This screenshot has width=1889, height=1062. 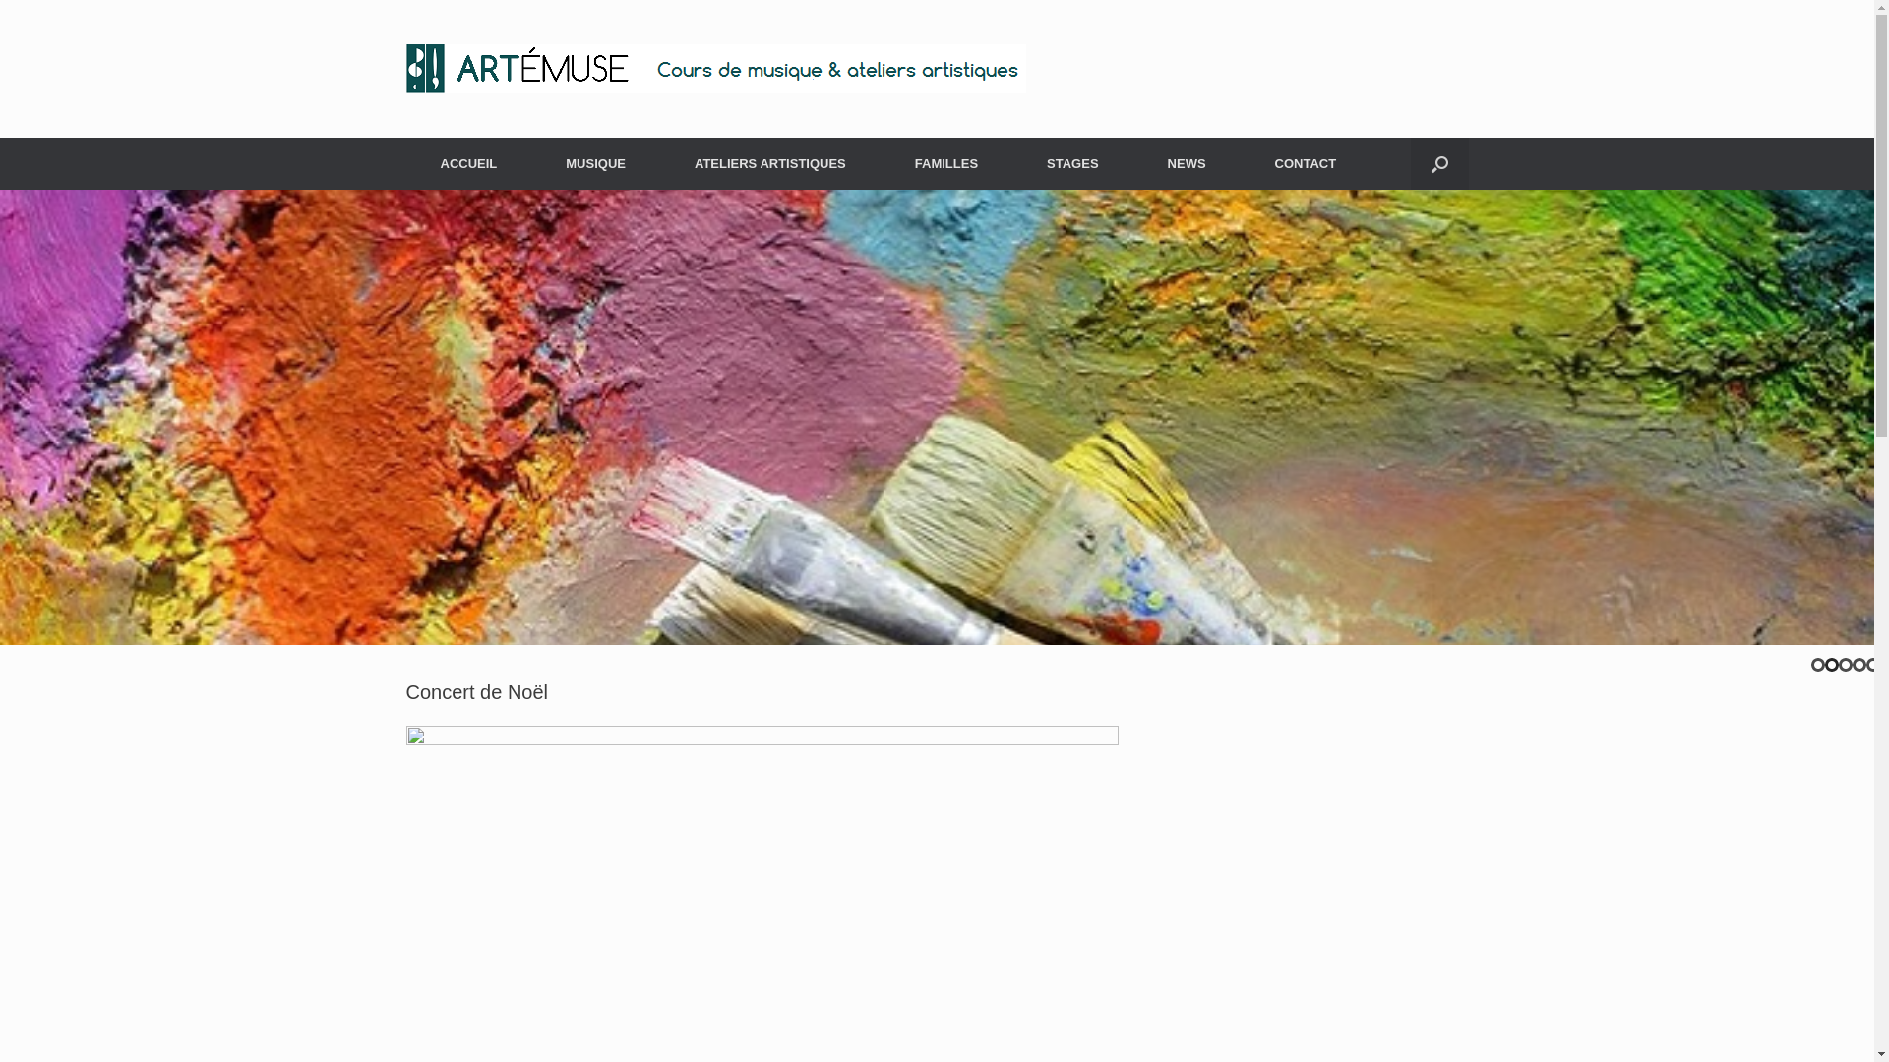 What do you see at coordinates (768, 162) in the screenshot?
I see `'ATELIERS ARTISTIQUES'` at bounding box center [768, 162].